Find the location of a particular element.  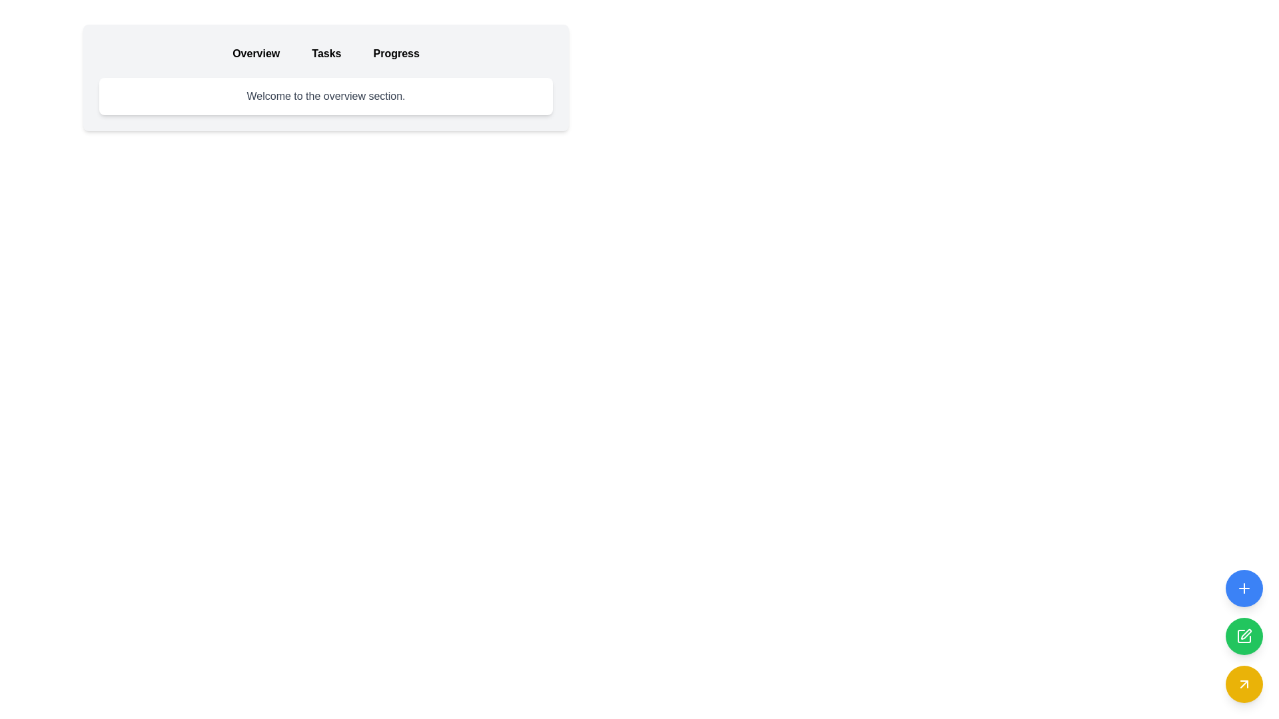

the 'Tasks' button, which is a rectangular button with bold, black text on a light gray background, located in the center top of the interface within the navigation bar is located at coordinates (326, 53).